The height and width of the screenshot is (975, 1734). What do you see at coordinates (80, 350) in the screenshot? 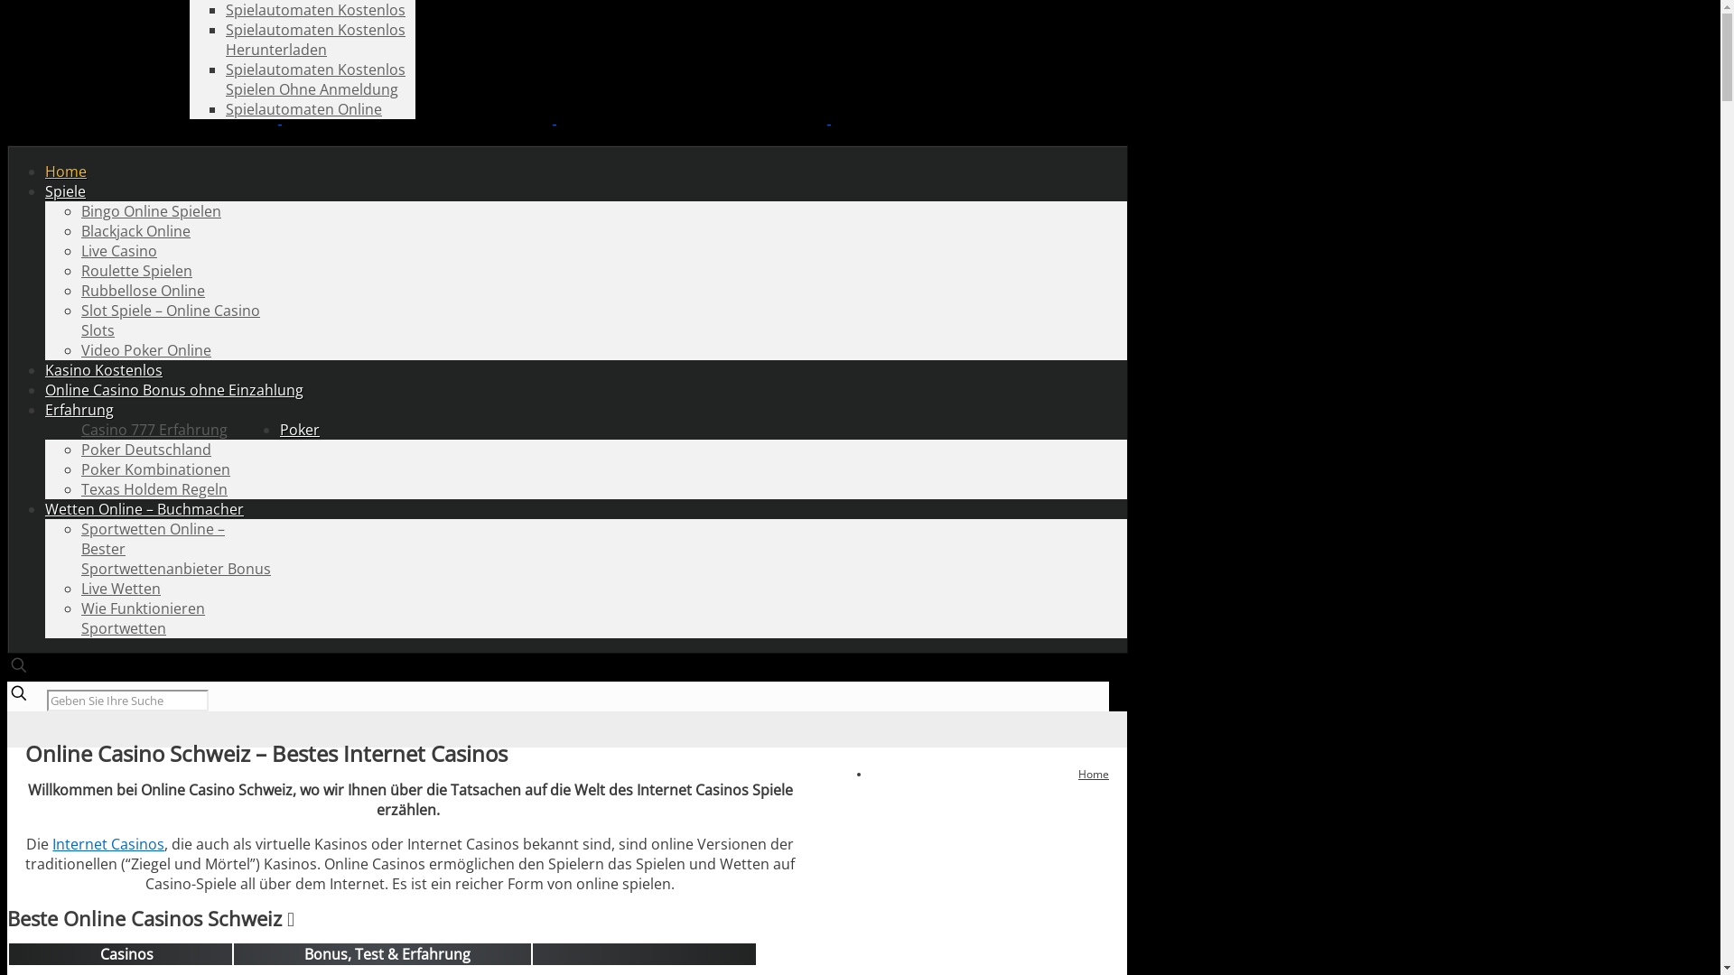
I see `'Video Poker Online'` at bounding box center [80, 350].